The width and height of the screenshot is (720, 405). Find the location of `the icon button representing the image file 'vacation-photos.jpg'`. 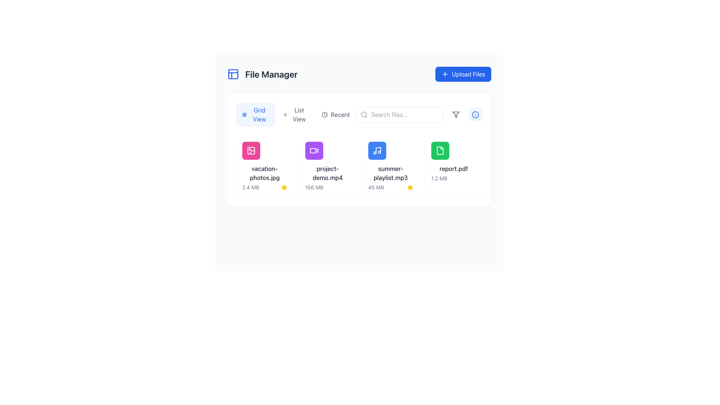

the icon button representing the image file 'vacation-photos.jpg' is located at coordinates (251, 150).